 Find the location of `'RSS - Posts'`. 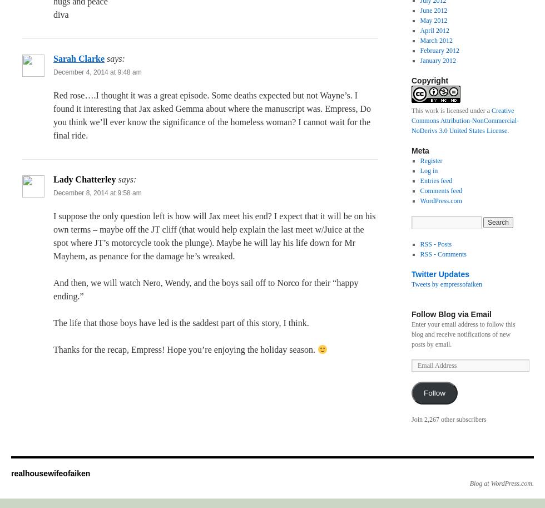

'RSS - Posts' is located at coordinates (435, 243).